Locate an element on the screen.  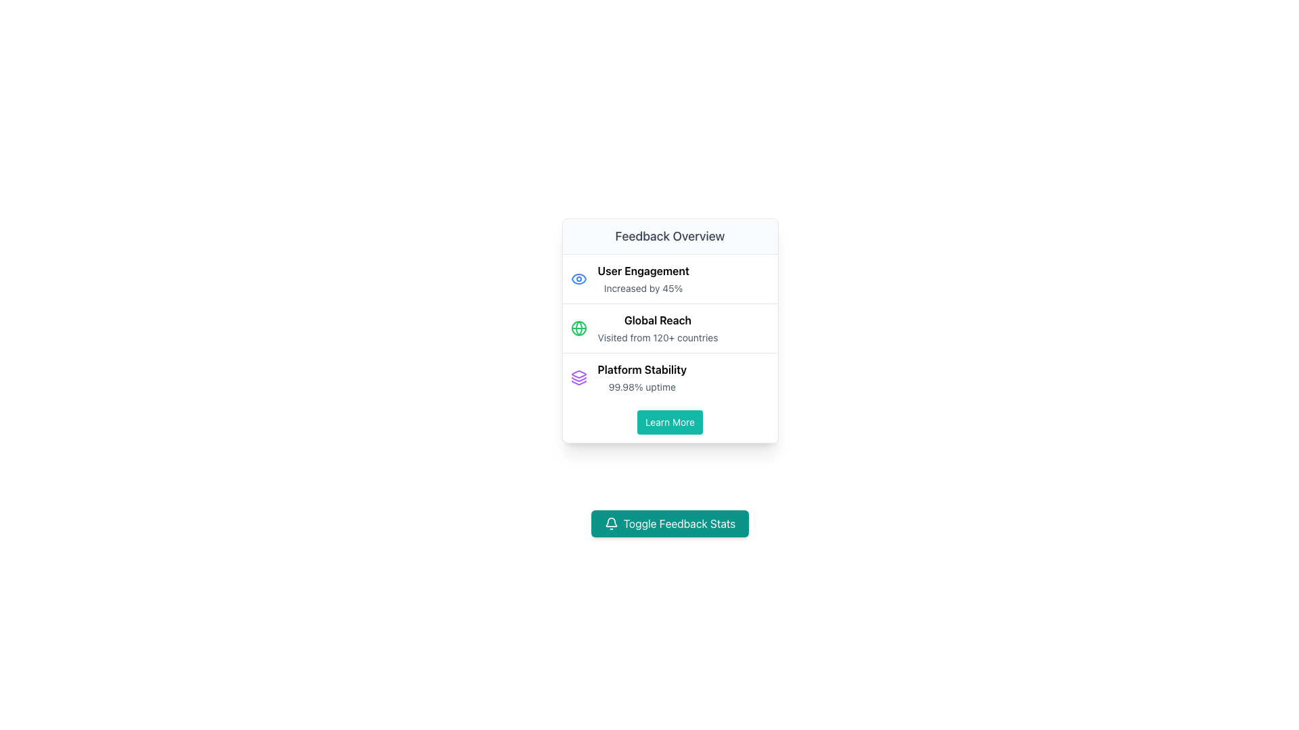
the central circular component of the globe icon next to the 'Global Reach' text in the second row of the feedback overview card is located at coordinates (578, 328).